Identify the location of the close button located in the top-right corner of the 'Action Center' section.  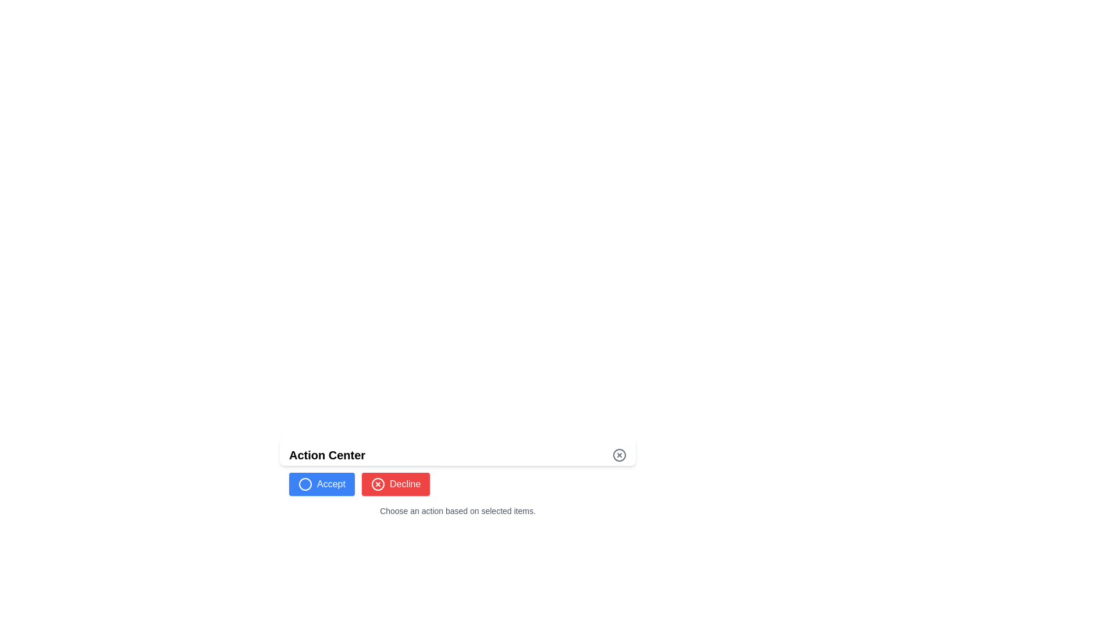
(619, 455).